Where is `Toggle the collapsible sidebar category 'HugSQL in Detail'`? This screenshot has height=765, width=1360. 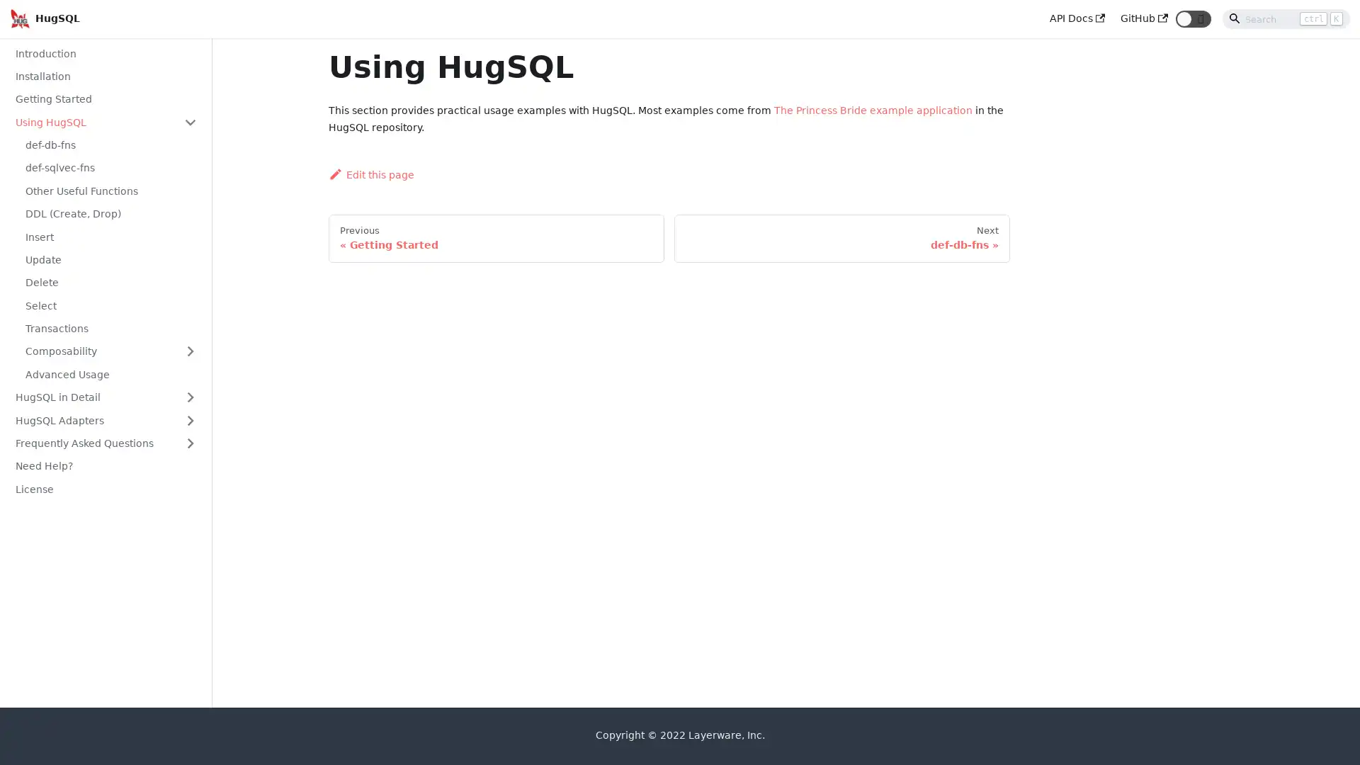 Toggle the collapsible sidebar category 'HugSQL in Detail' is located at coordinates (189, 397).